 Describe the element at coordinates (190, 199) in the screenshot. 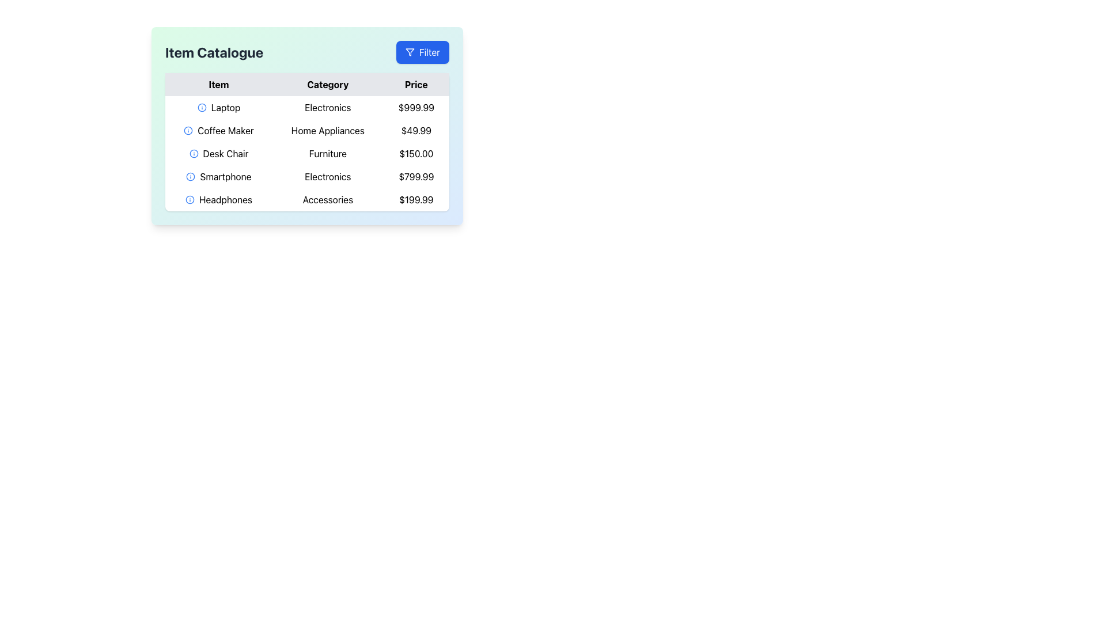

I see `the information icon located in the last row of the 'Item' column next to 'Headphones'` at that location.